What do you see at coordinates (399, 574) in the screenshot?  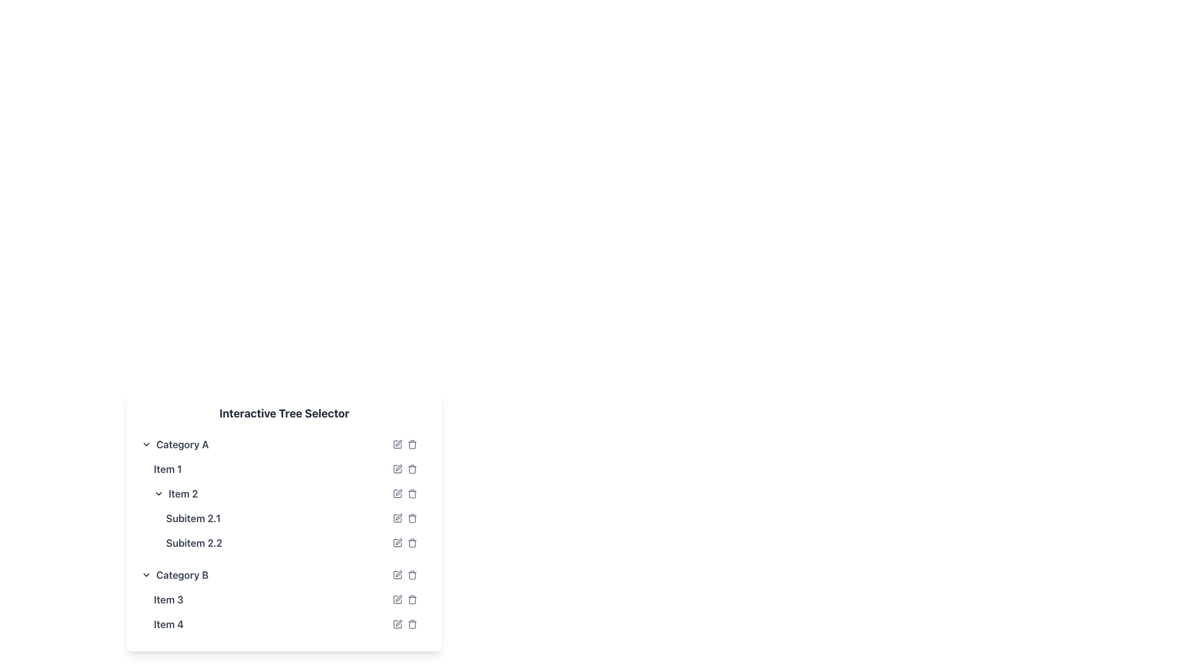 I see `the pen-like icon located next to the 'Category B' label in the interactive tree selector interface` at bounding box center [399, 574].